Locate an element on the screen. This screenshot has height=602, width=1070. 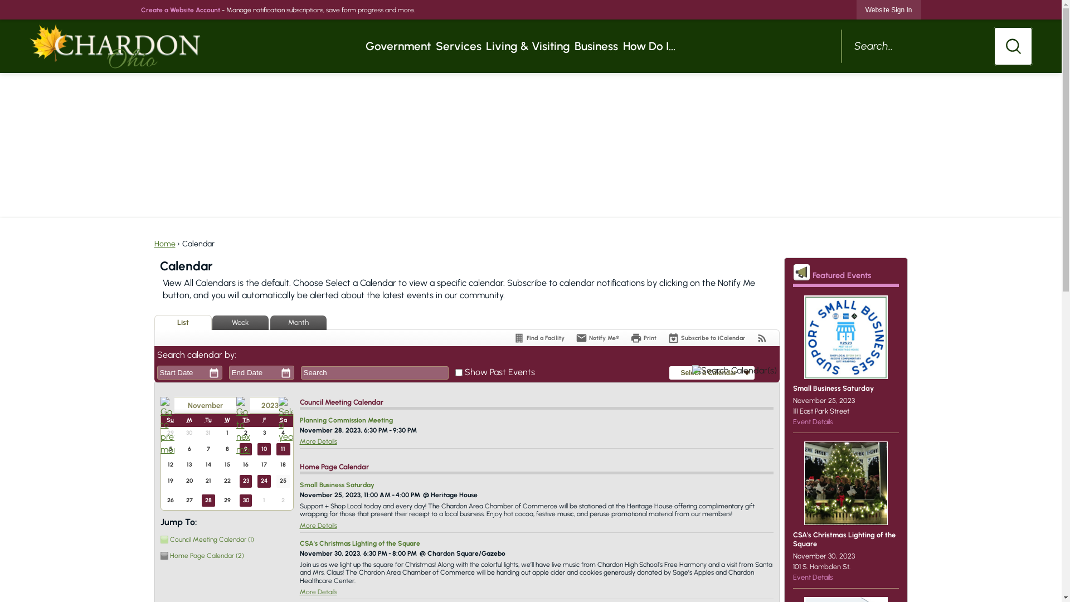
'23' is located at coordinates (245, 480).